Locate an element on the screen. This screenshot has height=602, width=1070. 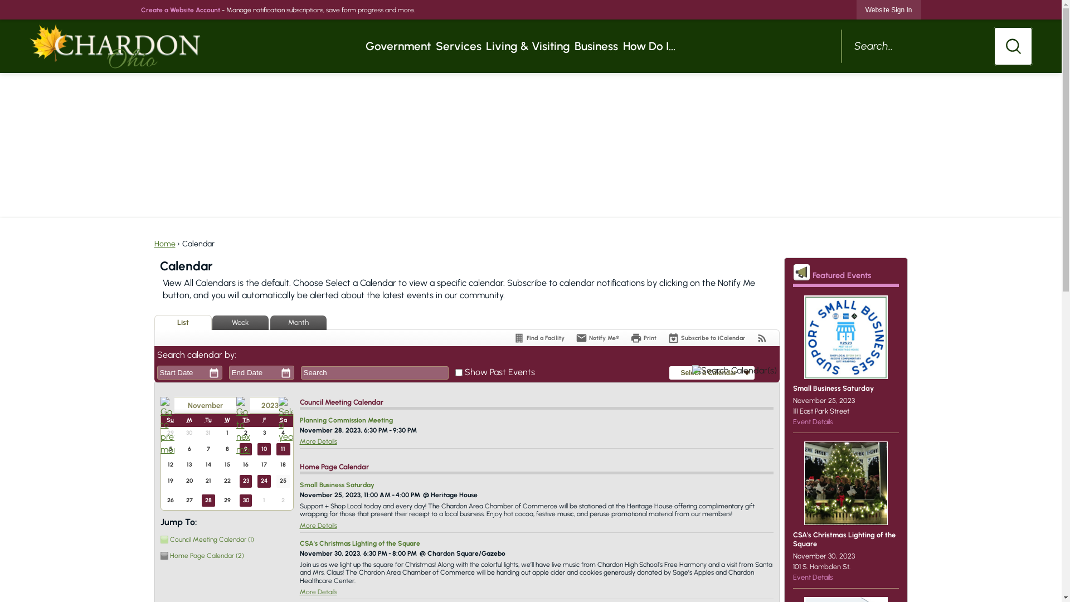
'23' is located at coordinates (245, 480).